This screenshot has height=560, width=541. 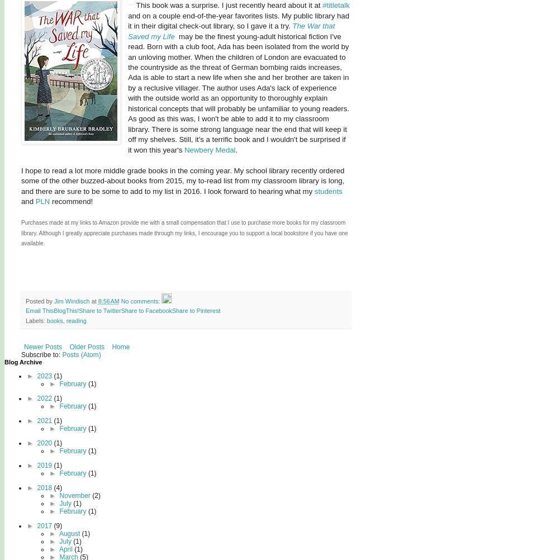 I want to click on 'Share to Pinterest', so click(x=170, y=311).